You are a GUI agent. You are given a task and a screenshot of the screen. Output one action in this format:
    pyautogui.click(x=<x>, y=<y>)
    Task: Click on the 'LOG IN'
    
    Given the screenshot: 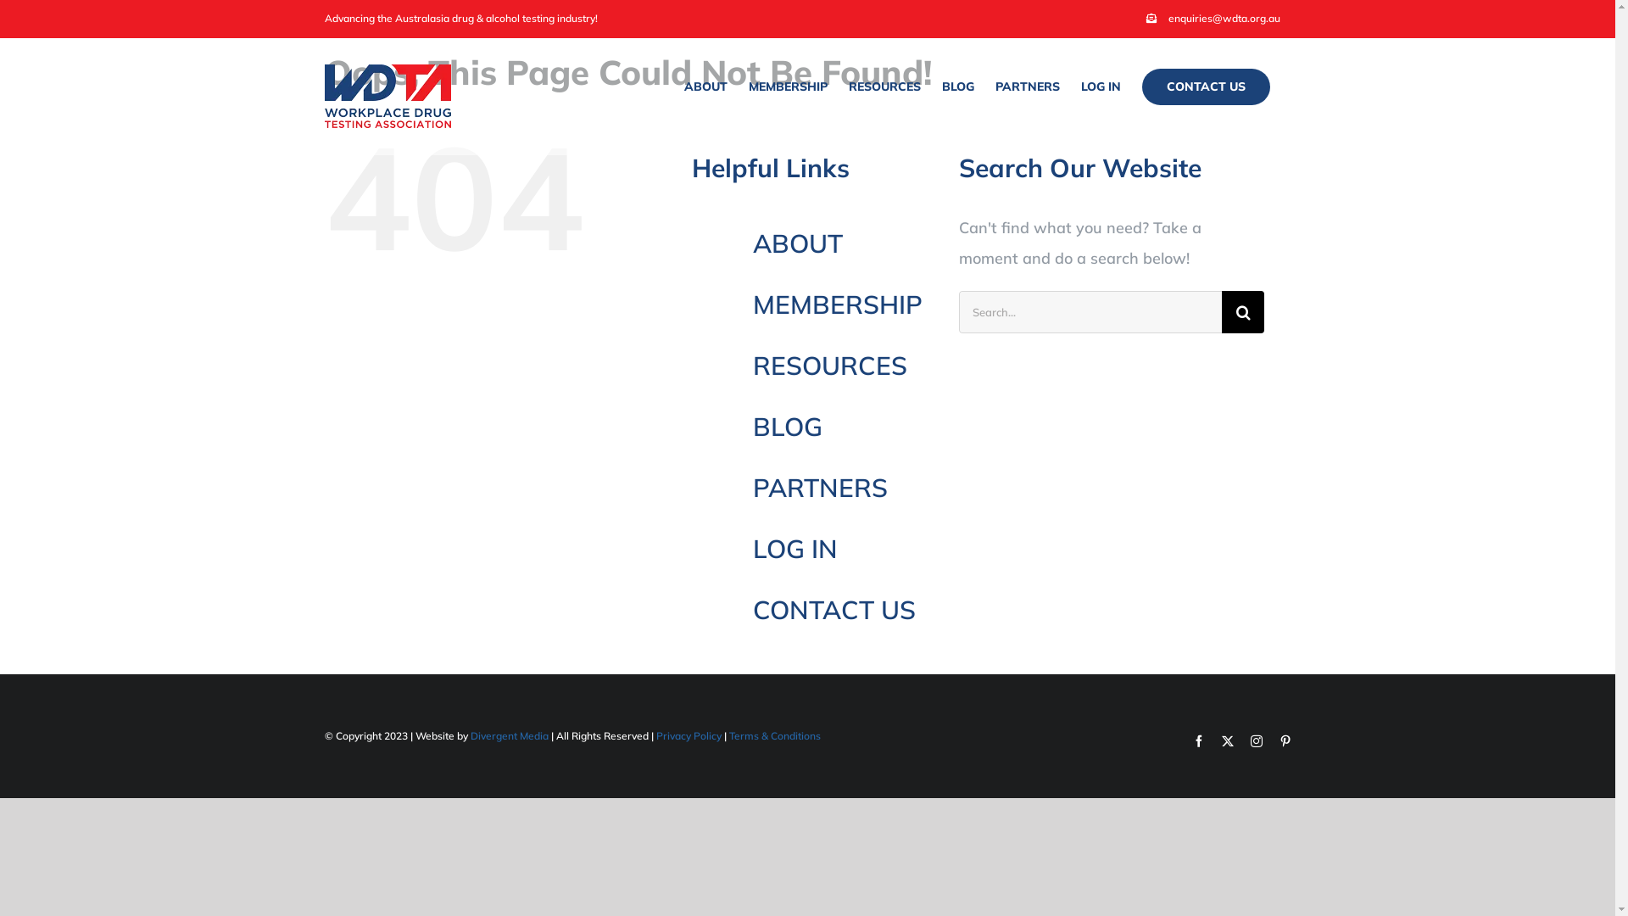 What is the action you would take?
    pyautogui.click(x=794, y=549)
    